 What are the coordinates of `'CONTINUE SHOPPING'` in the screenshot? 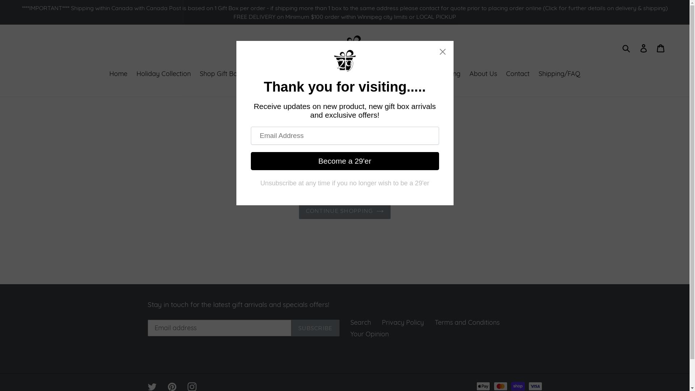 It's located at (345, 211).